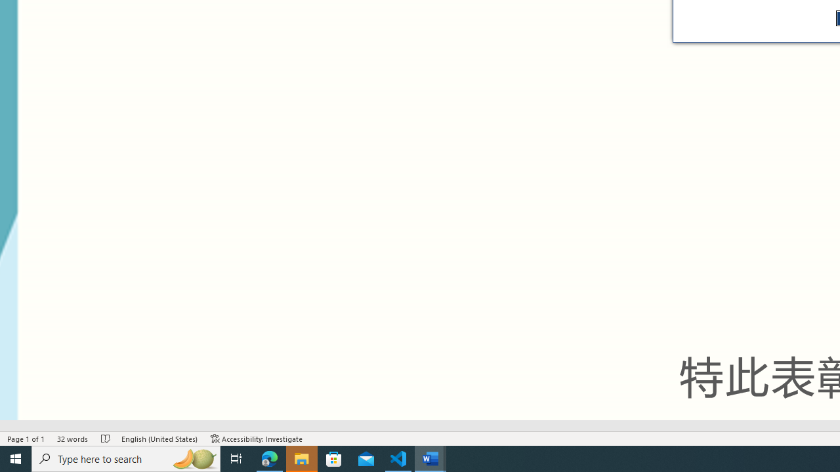 The width and height of the screenshot is (840, 472). Describe the element at coordinates (398, 458) in the screenshot. I see `'Visual Studio Code - 1 running window'` at that location.